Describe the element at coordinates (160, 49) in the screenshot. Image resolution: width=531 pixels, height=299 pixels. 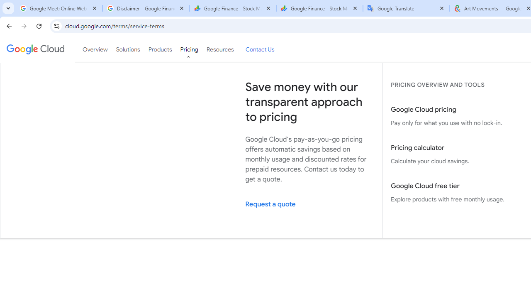
I see `'Products'` at that location.